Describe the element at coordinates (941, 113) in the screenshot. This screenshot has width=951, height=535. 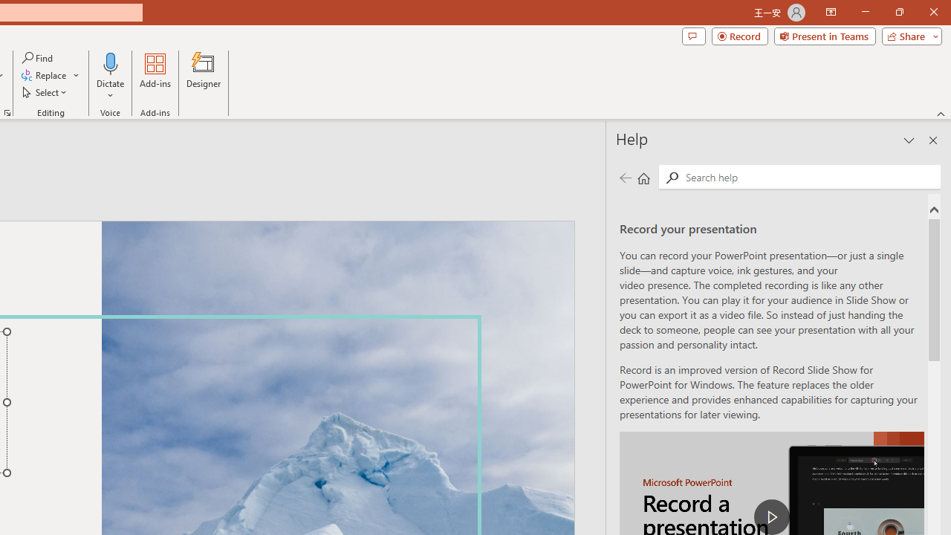
I see `'Collapse the Ribbon'` at that location.